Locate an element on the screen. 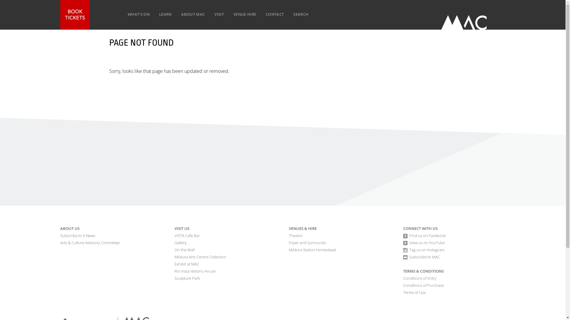  'ABOUT US' is located at coordinates (69, 228).